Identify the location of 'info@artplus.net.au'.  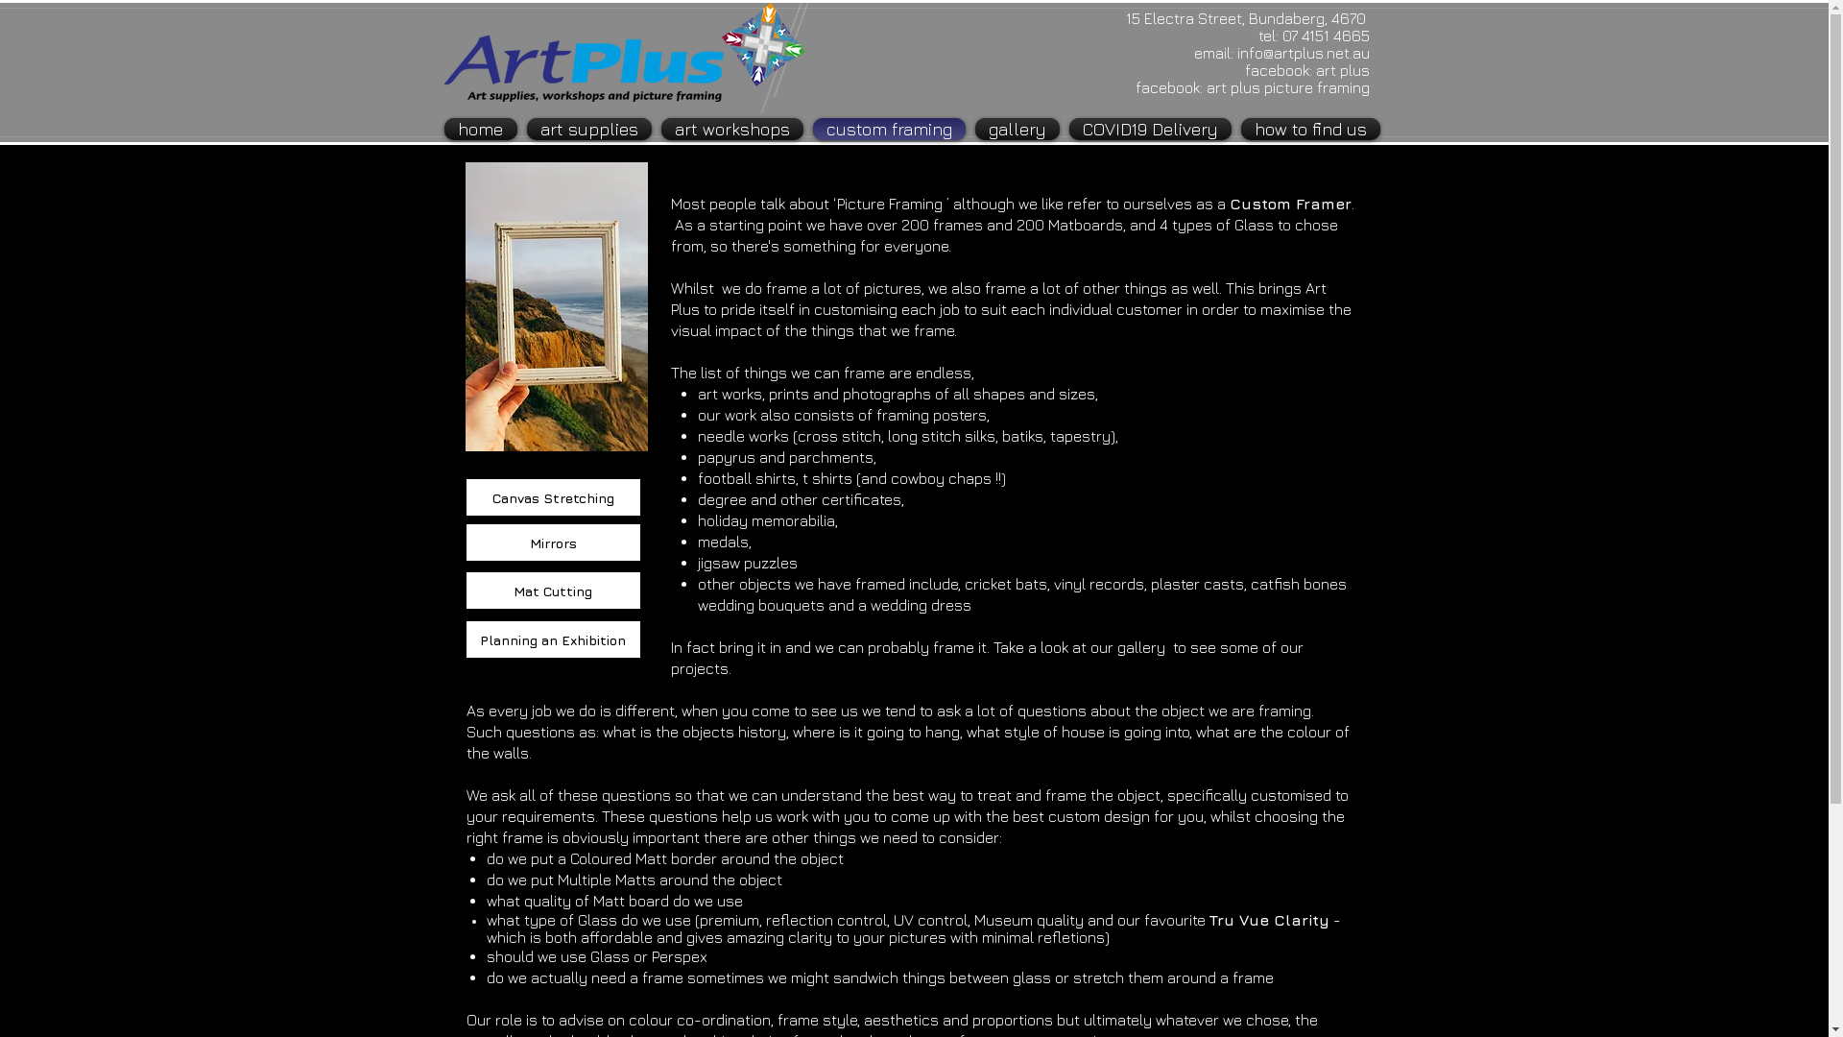
(1303, 51).